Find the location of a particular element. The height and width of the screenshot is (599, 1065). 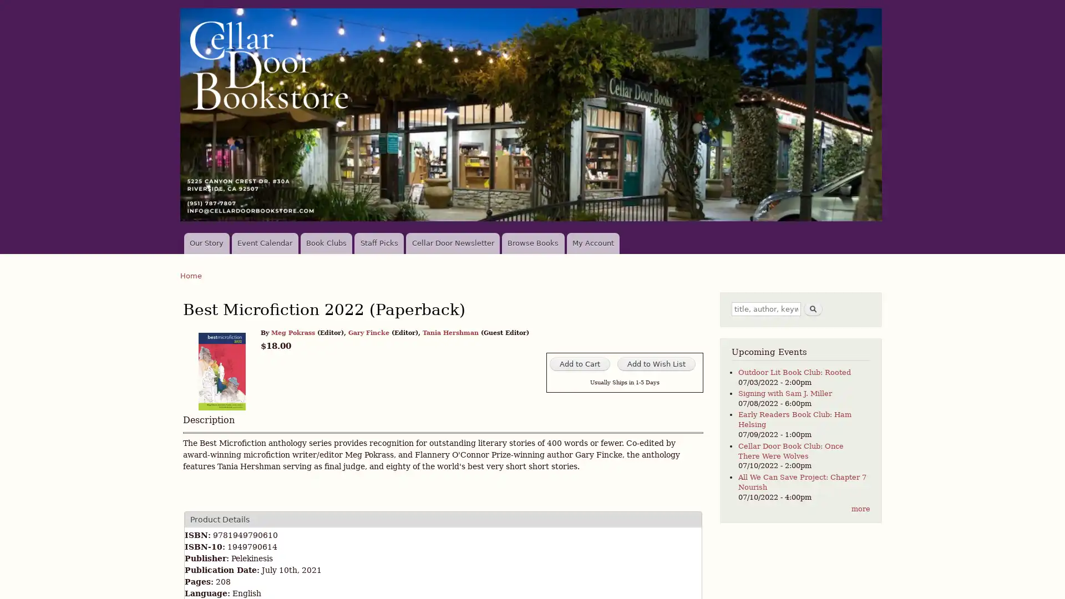

Search is located at coordinates (812, 309).